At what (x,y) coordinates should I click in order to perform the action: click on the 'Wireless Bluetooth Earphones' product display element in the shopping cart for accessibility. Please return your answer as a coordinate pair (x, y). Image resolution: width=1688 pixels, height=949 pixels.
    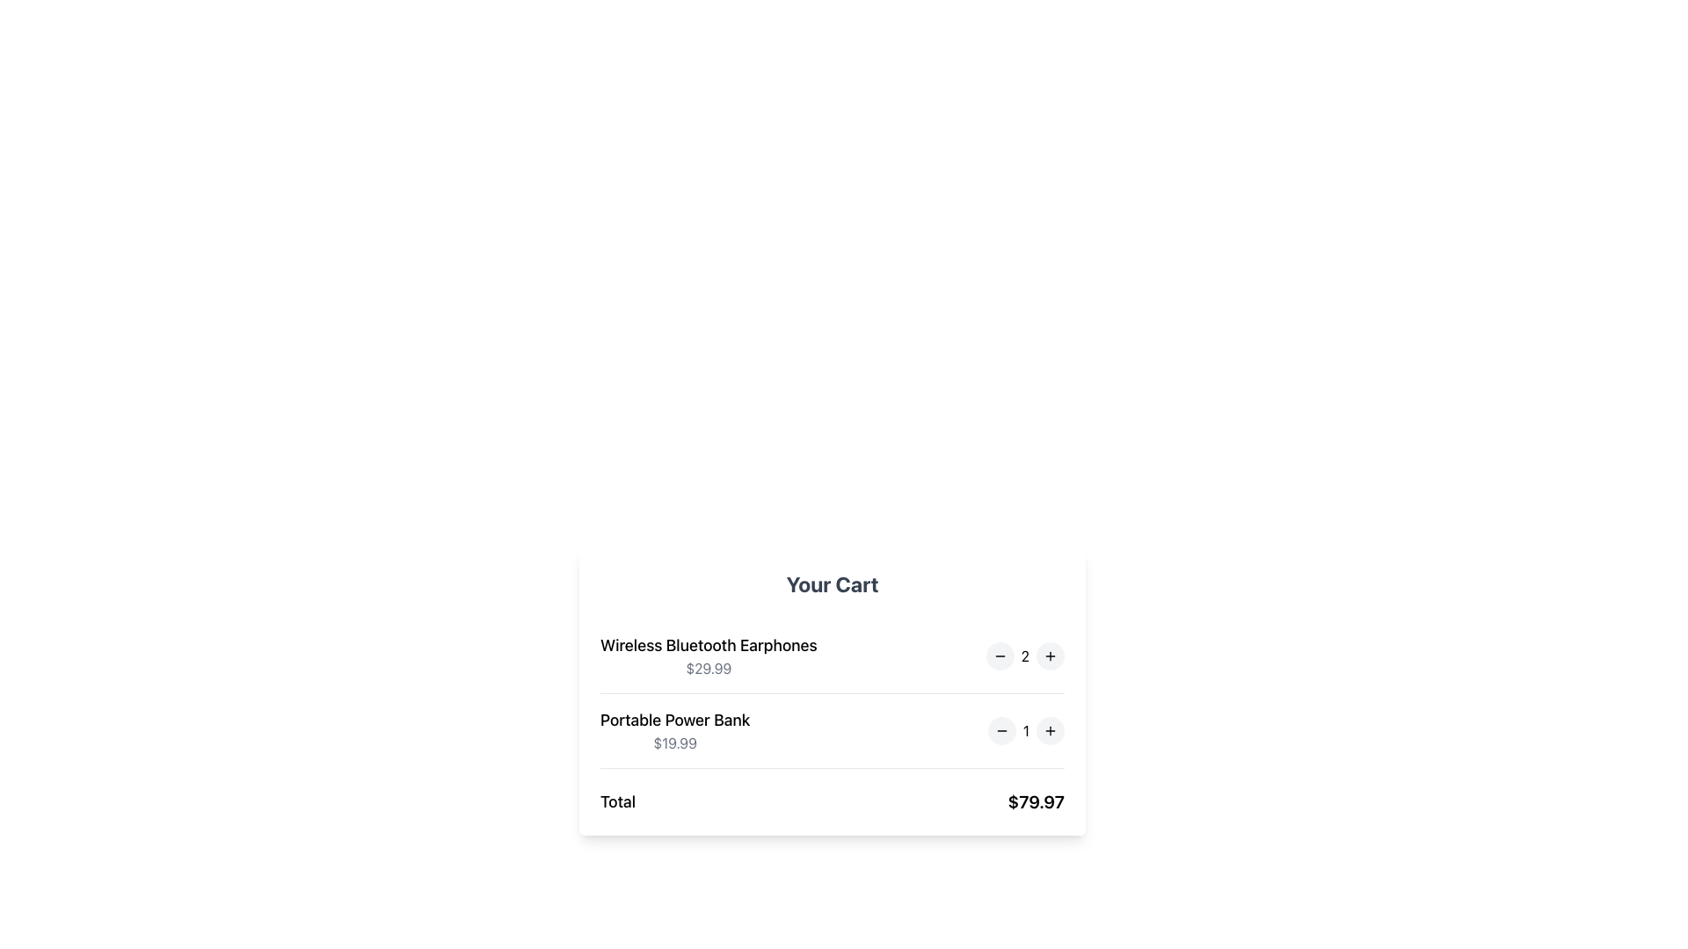
    Looking at the image, I should click on (709, 656).